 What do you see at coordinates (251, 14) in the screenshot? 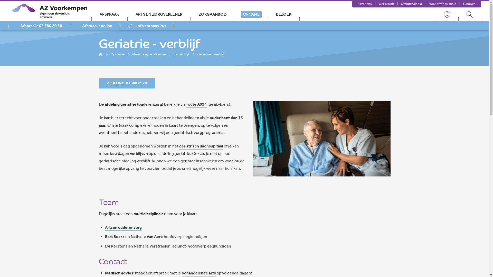
I see `'OPNAME'` at bounding box center [251, 14].